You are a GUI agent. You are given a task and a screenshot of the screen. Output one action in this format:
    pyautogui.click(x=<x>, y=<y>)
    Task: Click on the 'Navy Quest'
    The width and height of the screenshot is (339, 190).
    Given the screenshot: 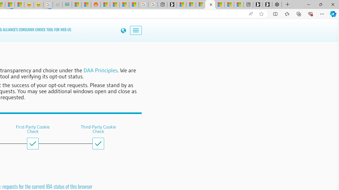 What is the action you would take?
    pyautogui.click(x=57, y=4)
    